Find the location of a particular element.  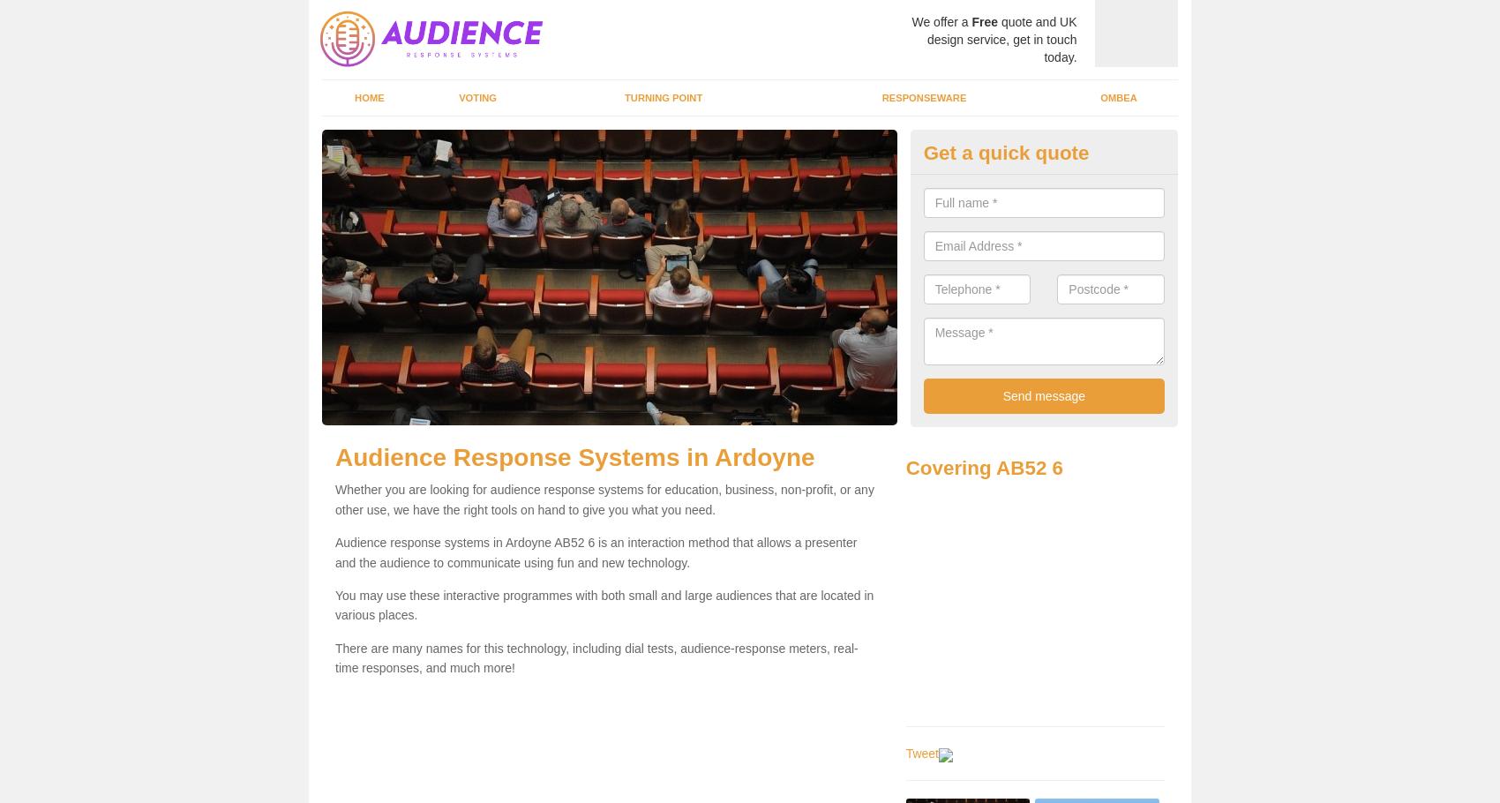

'We offer a' is located at coordinates (910, 21).